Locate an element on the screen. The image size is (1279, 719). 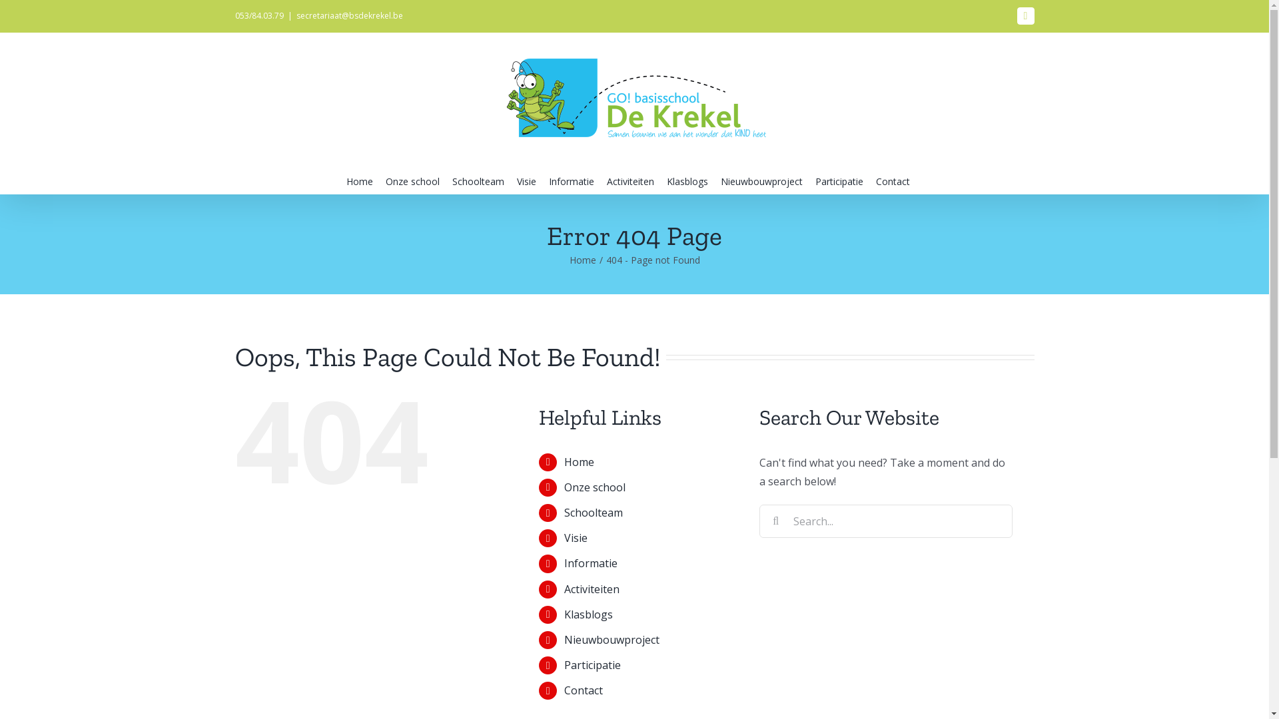
'Activiteiten' is located at coordinates (591, 588).